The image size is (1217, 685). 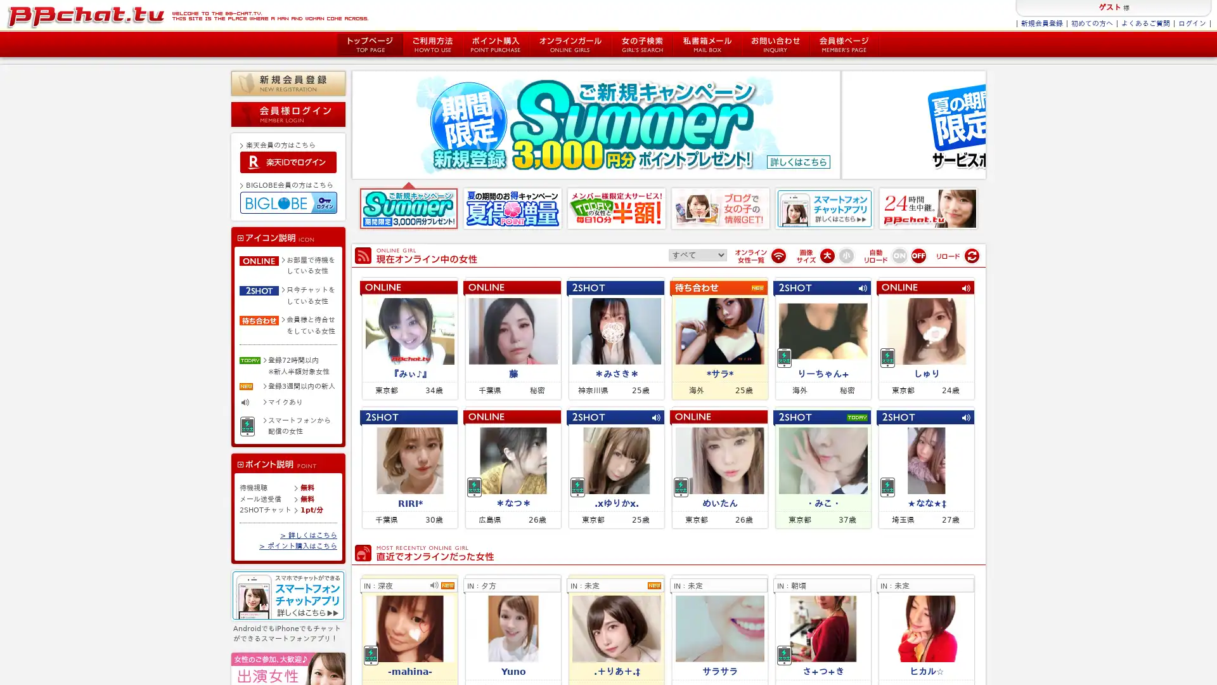 What do you see at coordinates (288, 160) in the screenshot?
I see `ID` at bounding box center [288, 160].